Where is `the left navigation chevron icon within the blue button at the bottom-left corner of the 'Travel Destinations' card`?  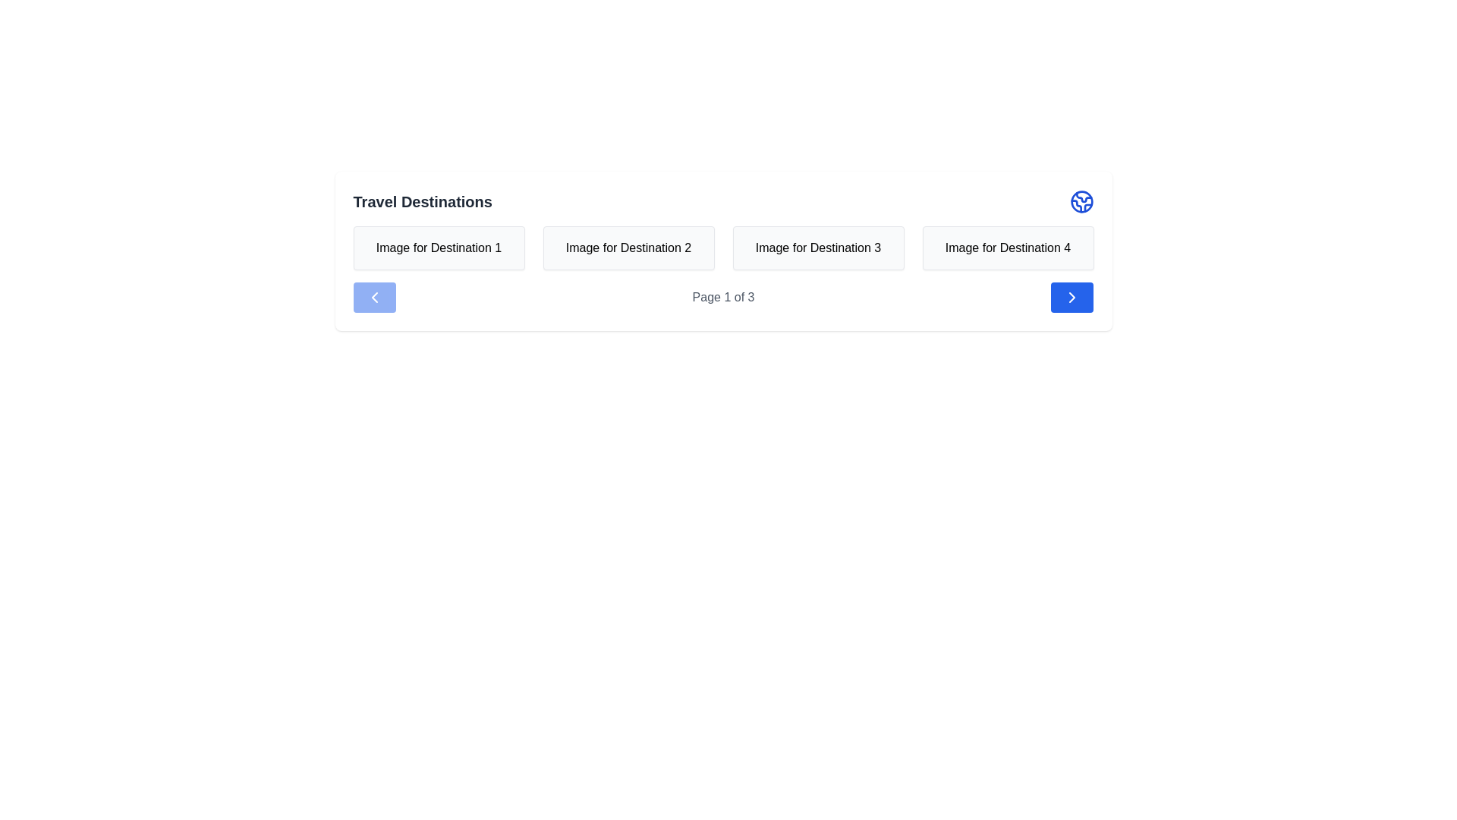
the left navigation chevron icon within the blue button at the bottom-left corner of the 'Travel Destinations' card is located at coordinates (374, 298).